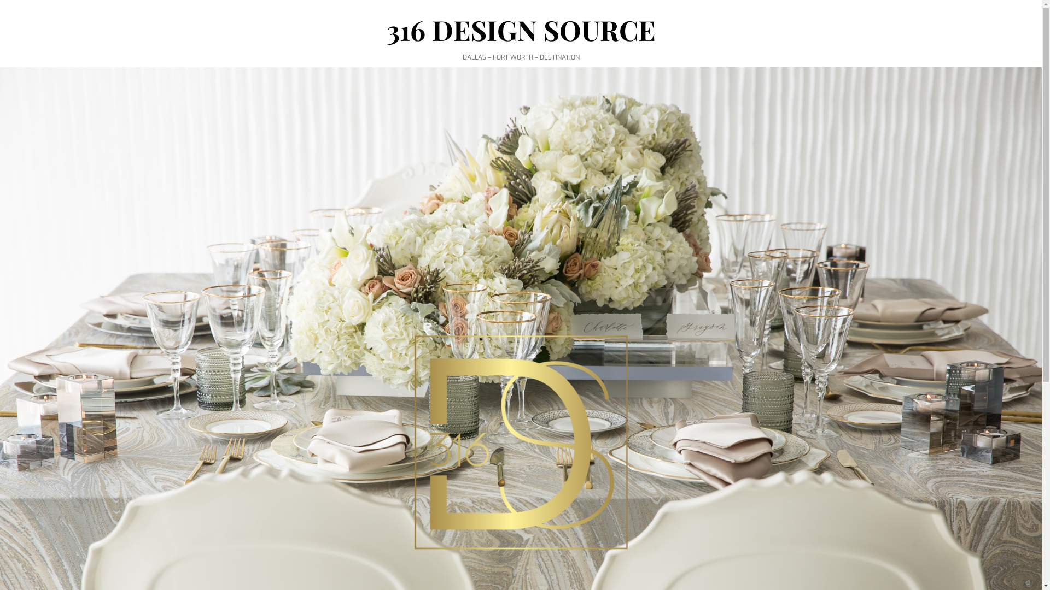 This screenshot has width=1050, height=590. I want to click on '316 DESIGN SOURCE', so click(520, 29).